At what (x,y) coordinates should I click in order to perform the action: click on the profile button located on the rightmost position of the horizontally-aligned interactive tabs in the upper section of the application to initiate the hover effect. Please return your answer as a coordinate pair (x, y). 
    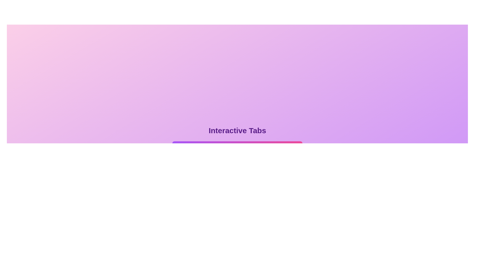
    Looking at the image, I should click on (287, 152).